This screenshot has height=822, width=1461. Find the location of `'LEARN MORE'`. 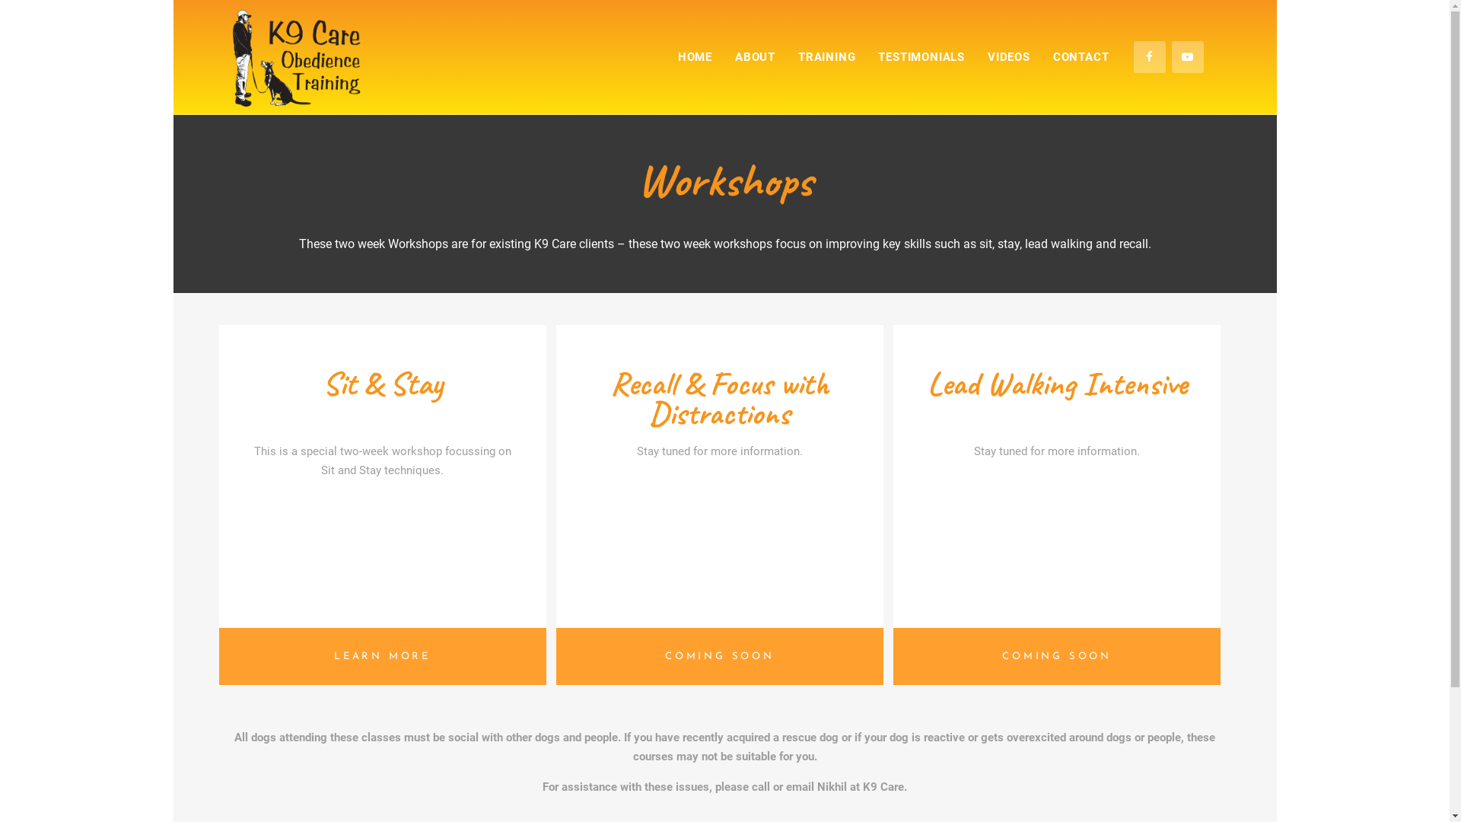

'LEARN MORE' is located at coordinates (383, 655).